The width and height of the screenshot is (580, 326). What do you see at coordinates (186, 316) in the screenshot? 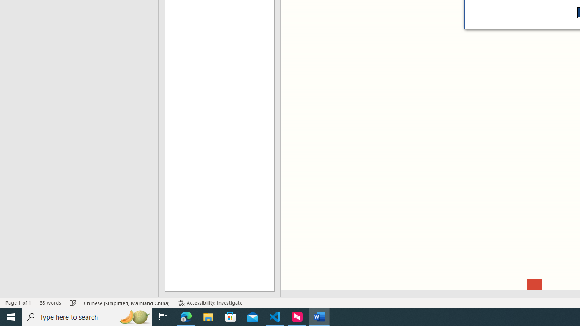
I see `'Microsoft Edge - 1 running window'` at bounding box center [186, 316].